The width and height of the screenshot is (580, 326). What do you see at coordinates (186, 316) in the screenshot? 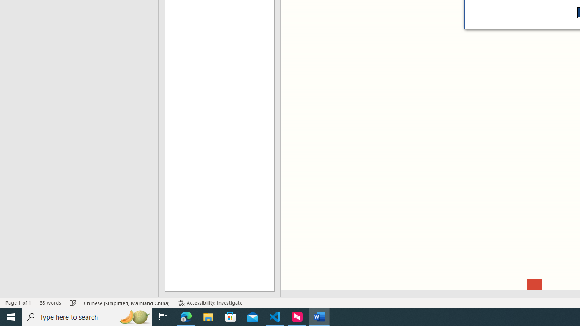
I see `'Microsoft Edge - 1 running window'` at bounding box center [186, 316].